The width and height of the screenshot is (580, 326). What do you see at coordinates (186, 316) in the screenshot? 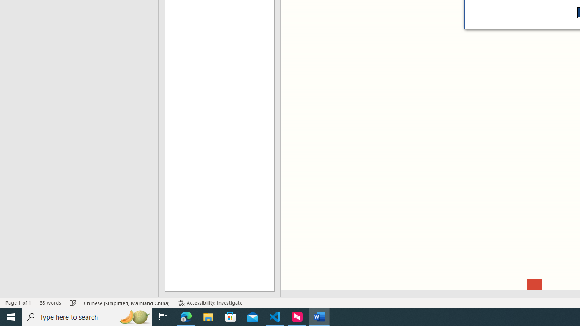
I see `'Microsoft Edge - 1 running window'` at bounding box center [186, 316].